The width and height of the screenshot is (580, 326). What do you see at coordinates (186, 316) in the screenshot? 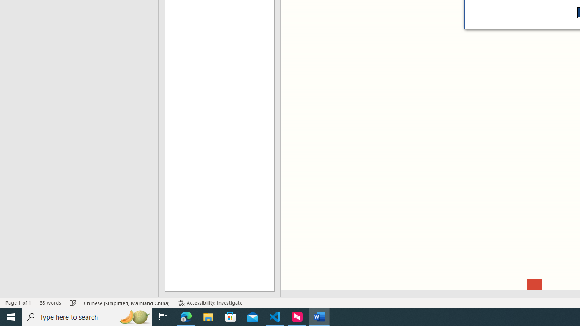
I see `'Microsoft Edge - 1 running window'` at bounding box center [186, 316].